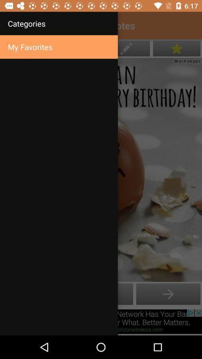 The height and width of the screenshot is (359, 202). Describe the element at coordinates (177, 48) in the screenshot. I see `the star icon` at that location.